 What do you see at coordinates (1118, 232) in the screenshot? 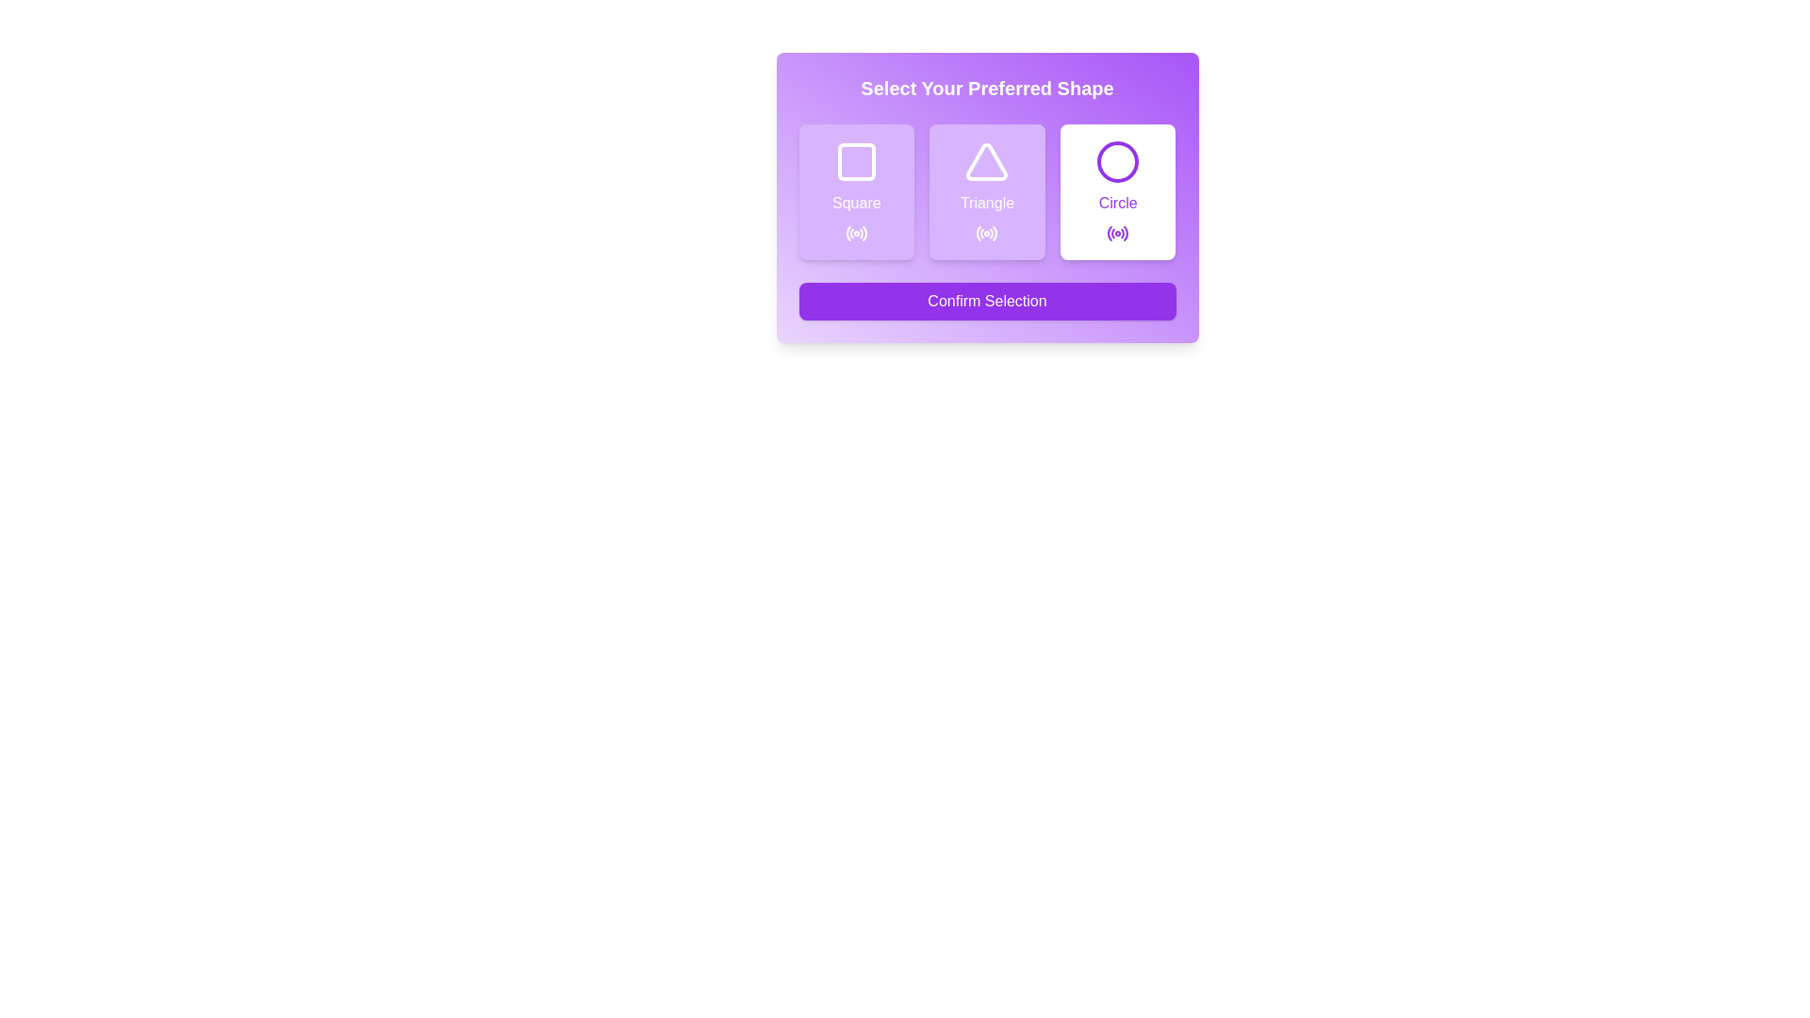
I see `the radio or signal icon located in the 'Circle' option card, which is positioned below the circular outline and above the caption 'circle'` at bounding box center [1118, 232].